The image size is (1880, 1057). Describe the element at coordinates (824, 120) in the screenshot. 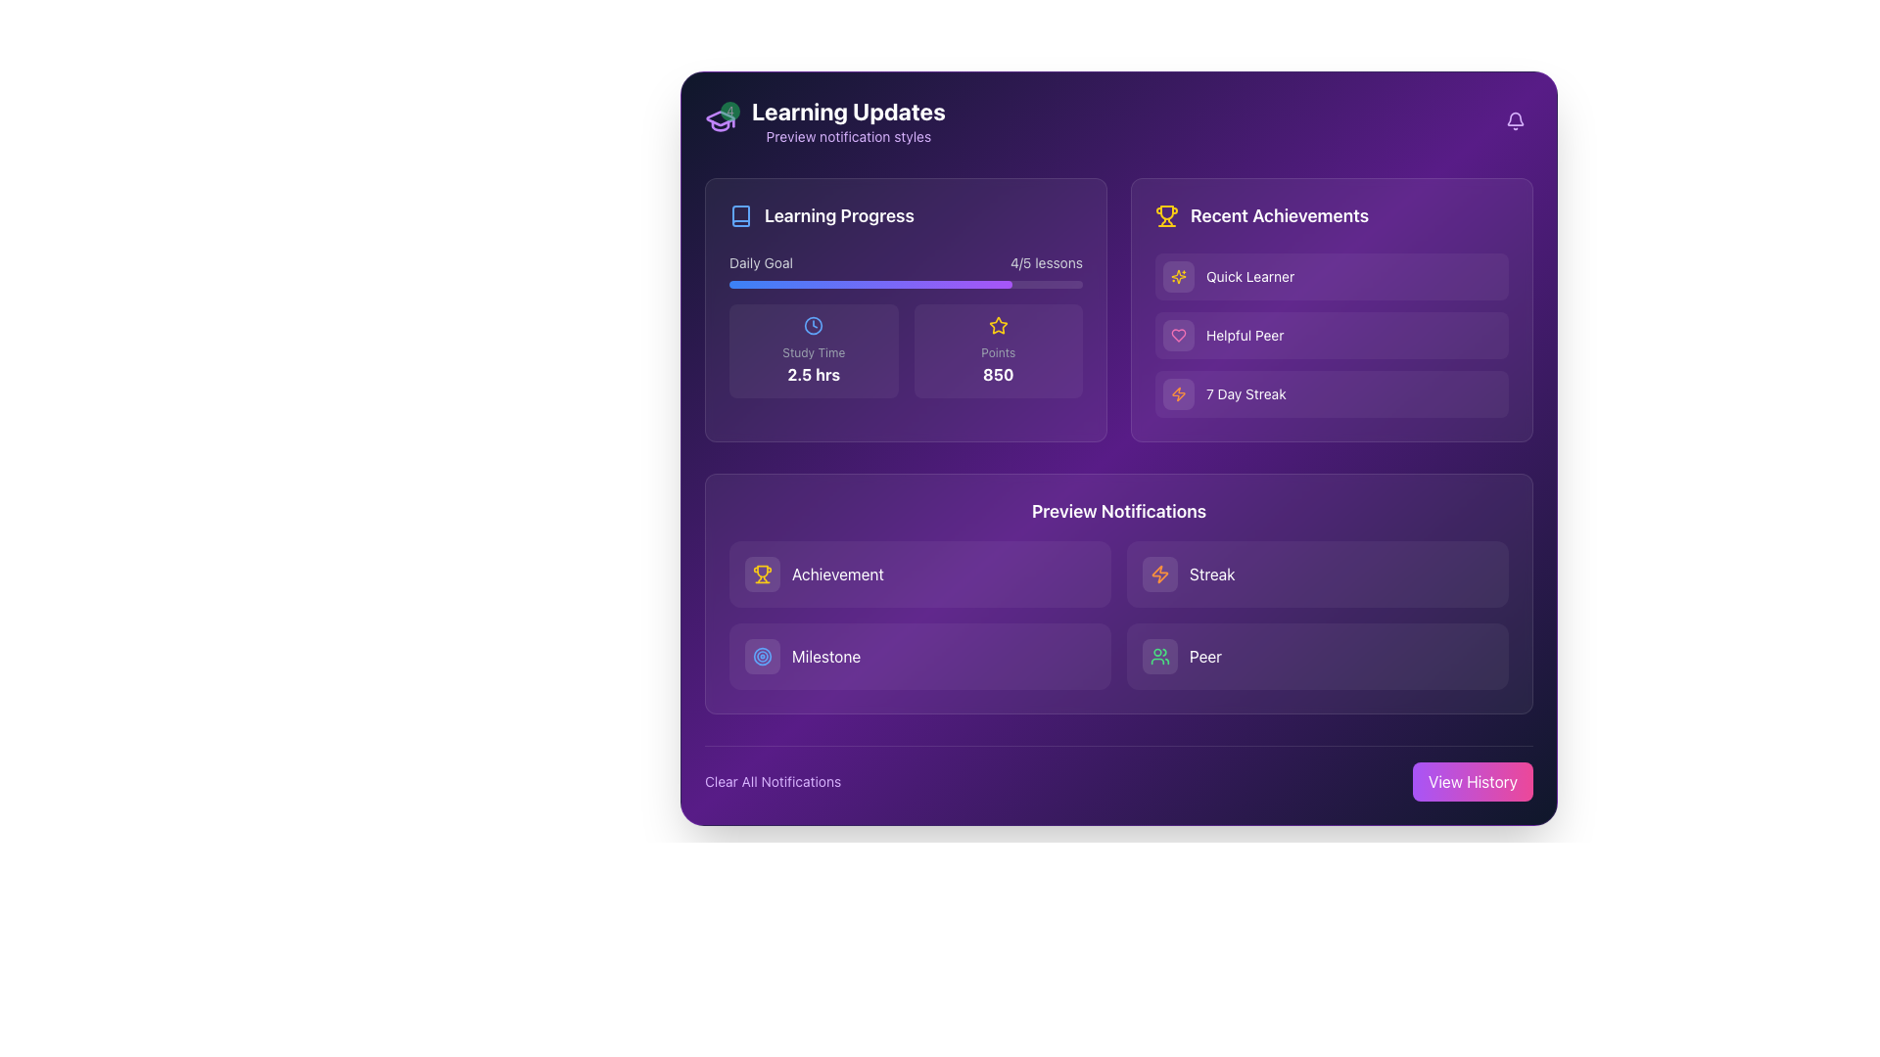

I see `text content of the Informational header displaying 'Learning Updates' with a notification badge indicating the number '4'` at that location.